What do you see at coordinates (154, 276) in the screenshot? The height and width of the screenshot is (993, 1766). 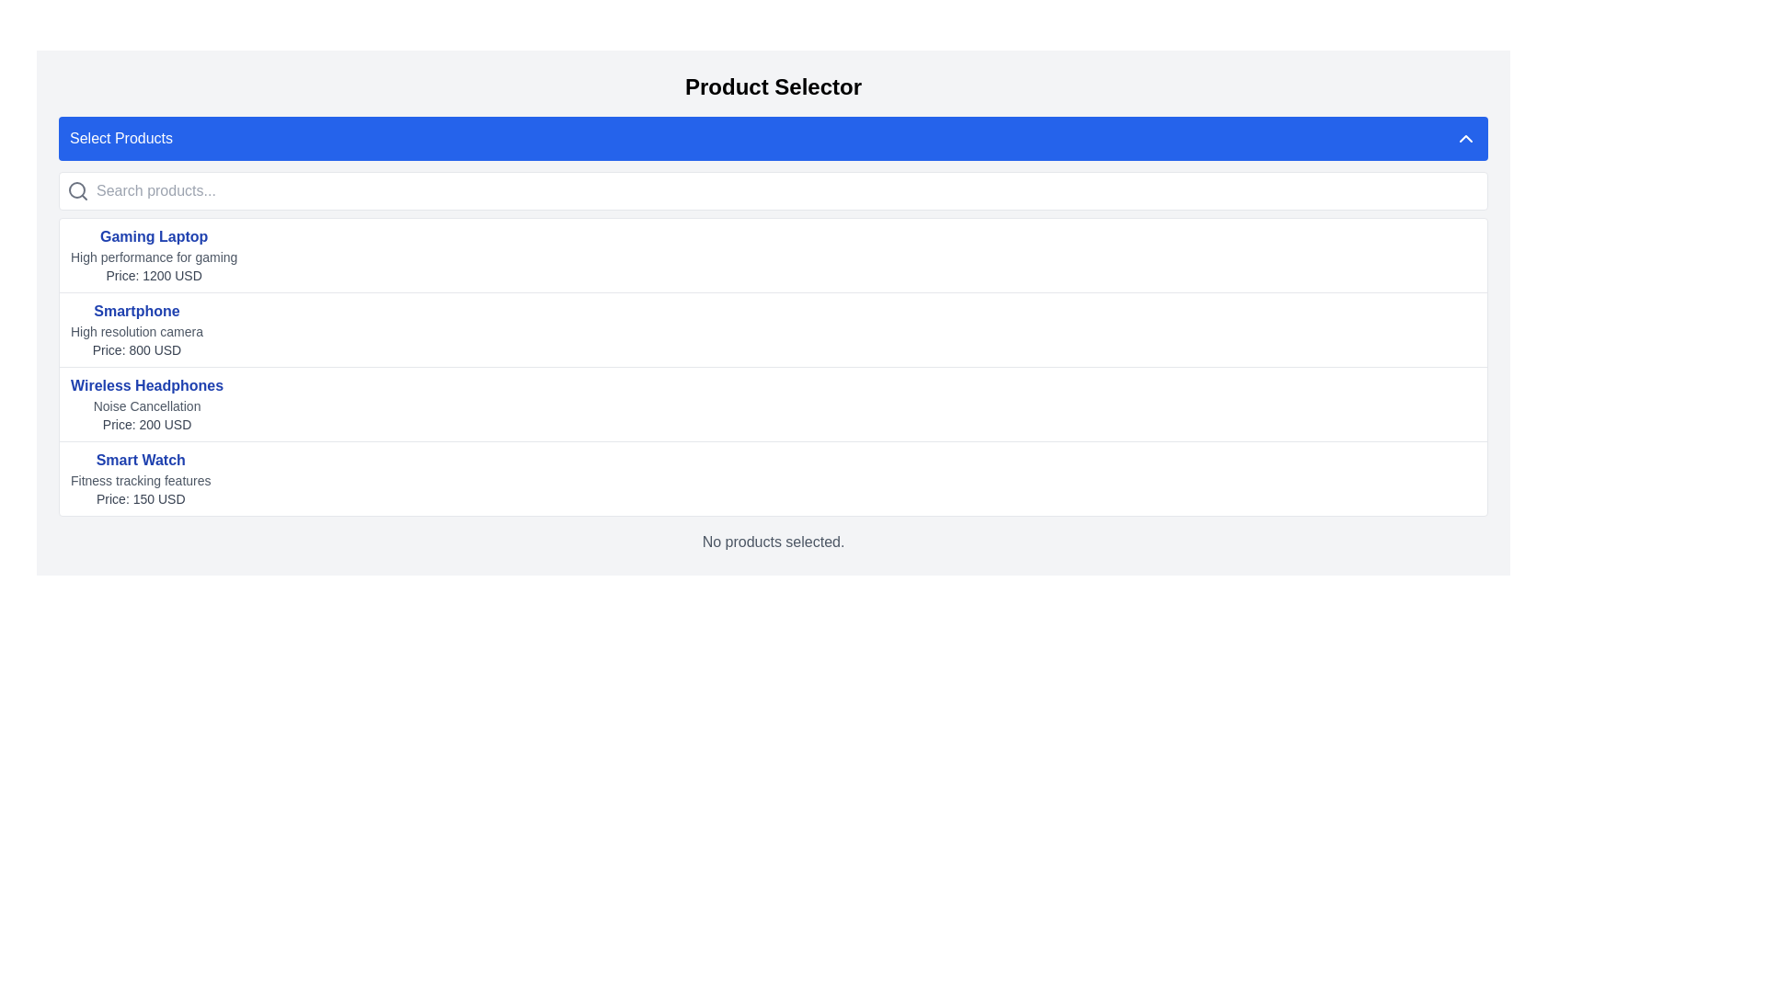 I see `the static text label displaying the price information of '1200 USD' located under the 'Gaming Laptop' product listing` at bounding box center [154, 276].